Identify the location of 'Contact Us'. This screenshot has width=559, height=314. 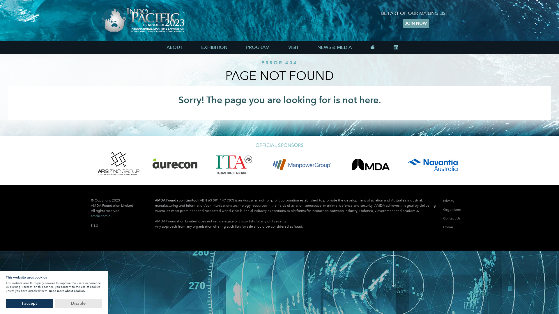
(443, 218).